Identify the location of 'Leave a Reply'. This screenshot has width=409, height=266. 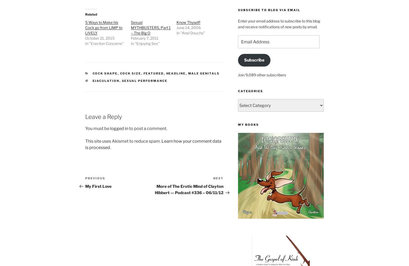
(85, 116).